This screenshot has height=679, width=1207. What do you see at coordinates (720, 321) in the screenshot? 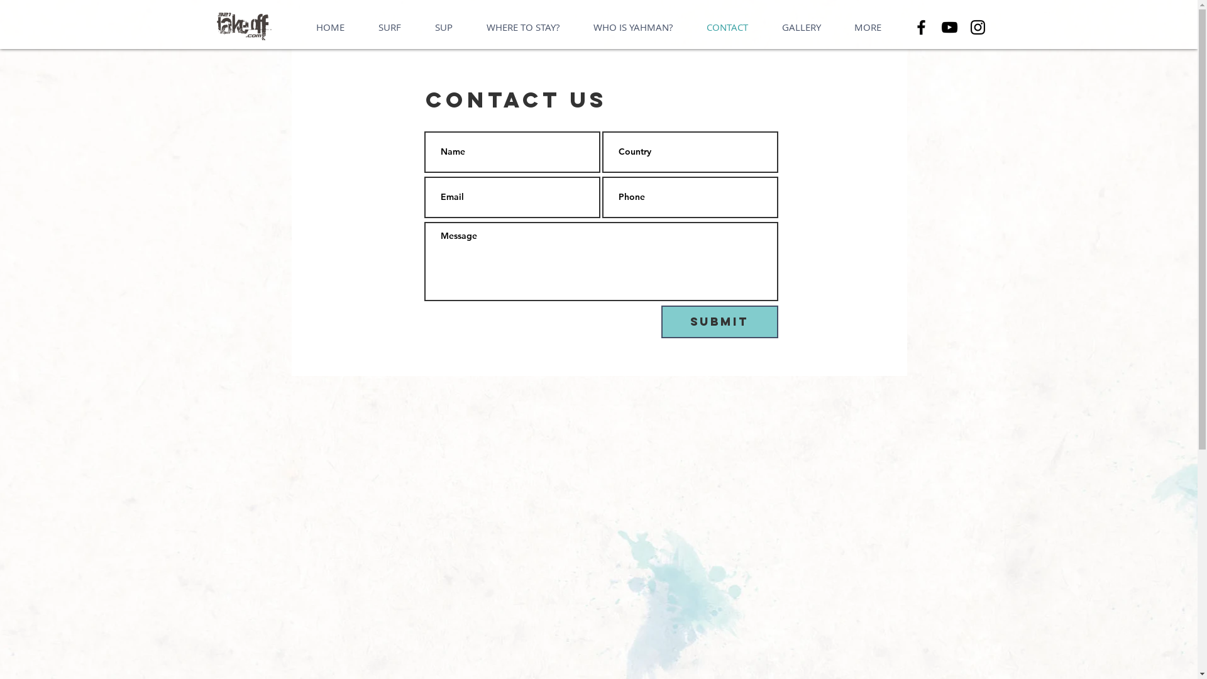
I see `'Submit'` at bounding box center [720, 321].